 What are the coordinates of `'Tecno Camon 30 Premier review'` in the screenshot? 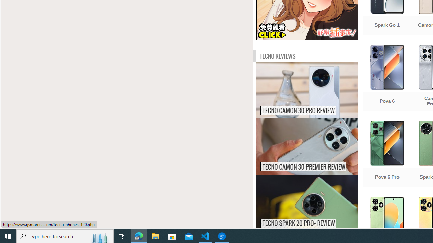 It's located at (321, 146).